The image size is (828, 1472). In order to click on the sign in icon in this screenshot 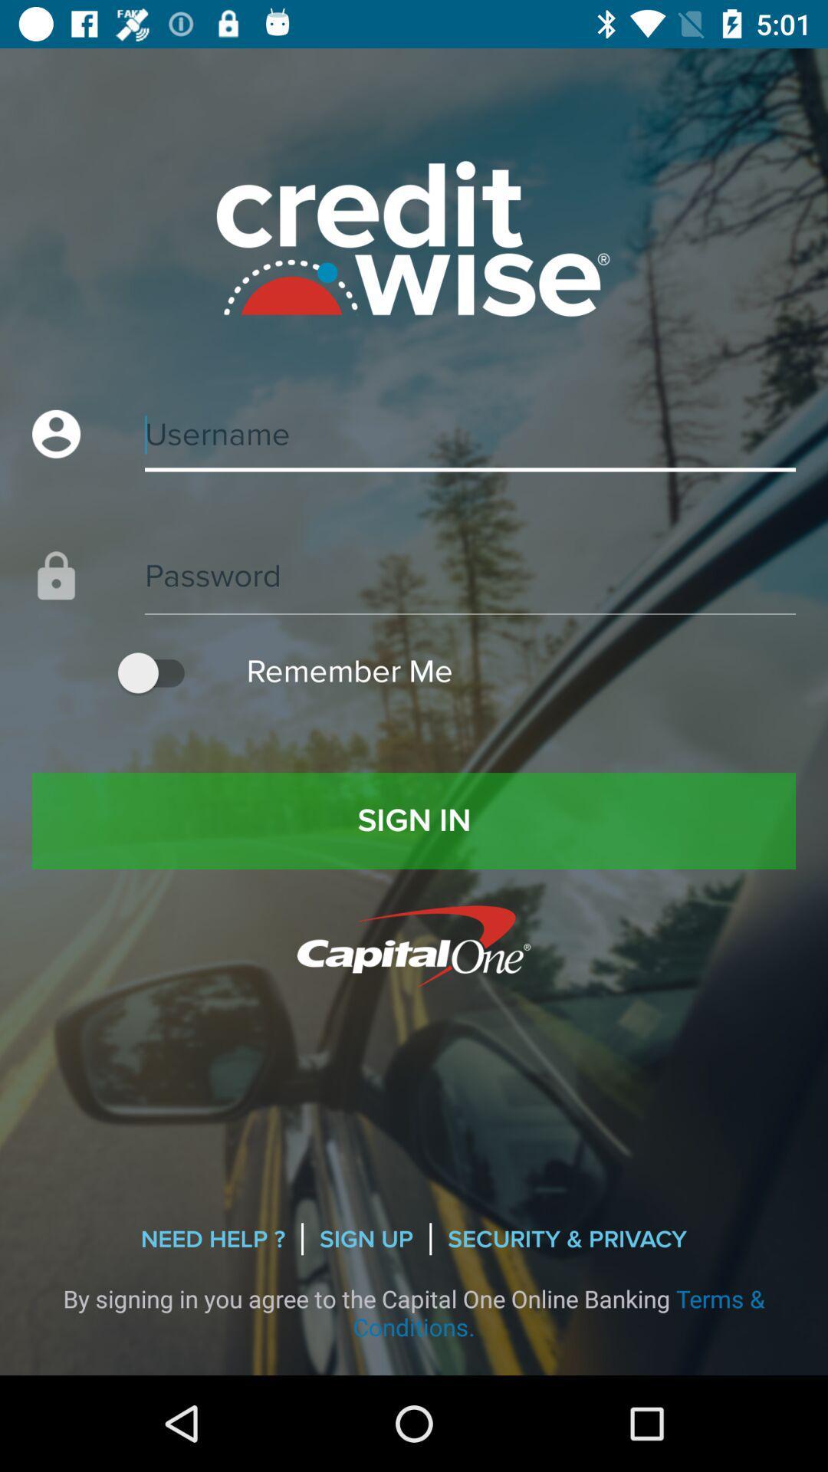, I will do `click(414, 820)`.